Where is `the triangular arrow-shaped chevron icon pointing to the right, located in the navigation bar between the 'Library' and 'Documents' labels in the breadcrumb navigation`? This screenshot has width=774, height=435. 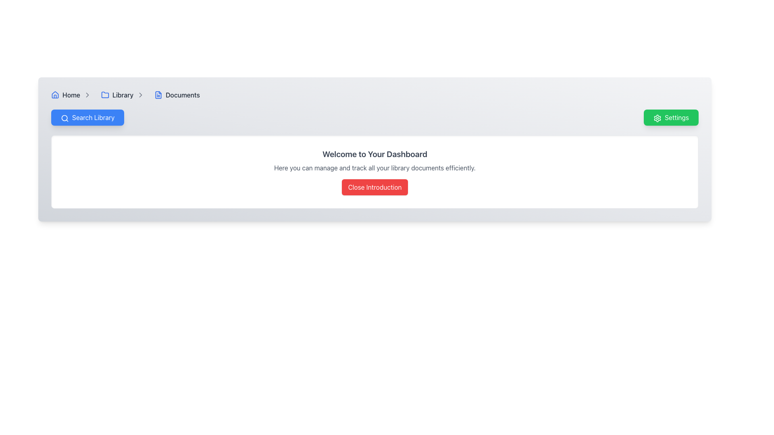 the triangular arrow-shaped chevron icon pointing to the right, located in the navigation bar between the 'Library' and 'Documents' labels in the breadcrumb navigation is located at coordinates (141, 94).